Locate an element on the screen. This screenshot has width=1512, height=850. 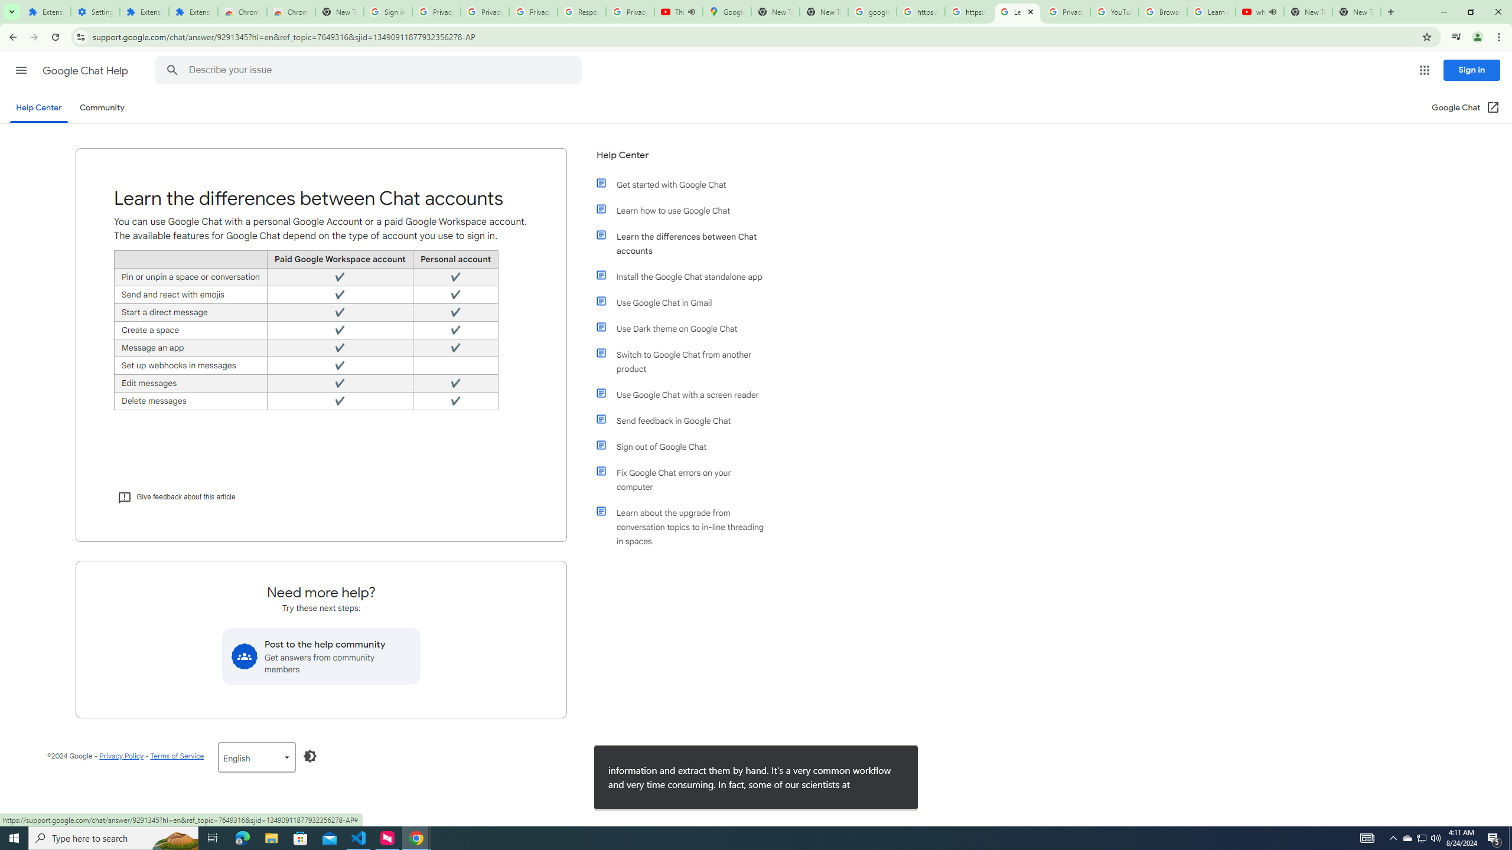
'Install the Google Chat standalone app' is located at coordinates (686, 276).